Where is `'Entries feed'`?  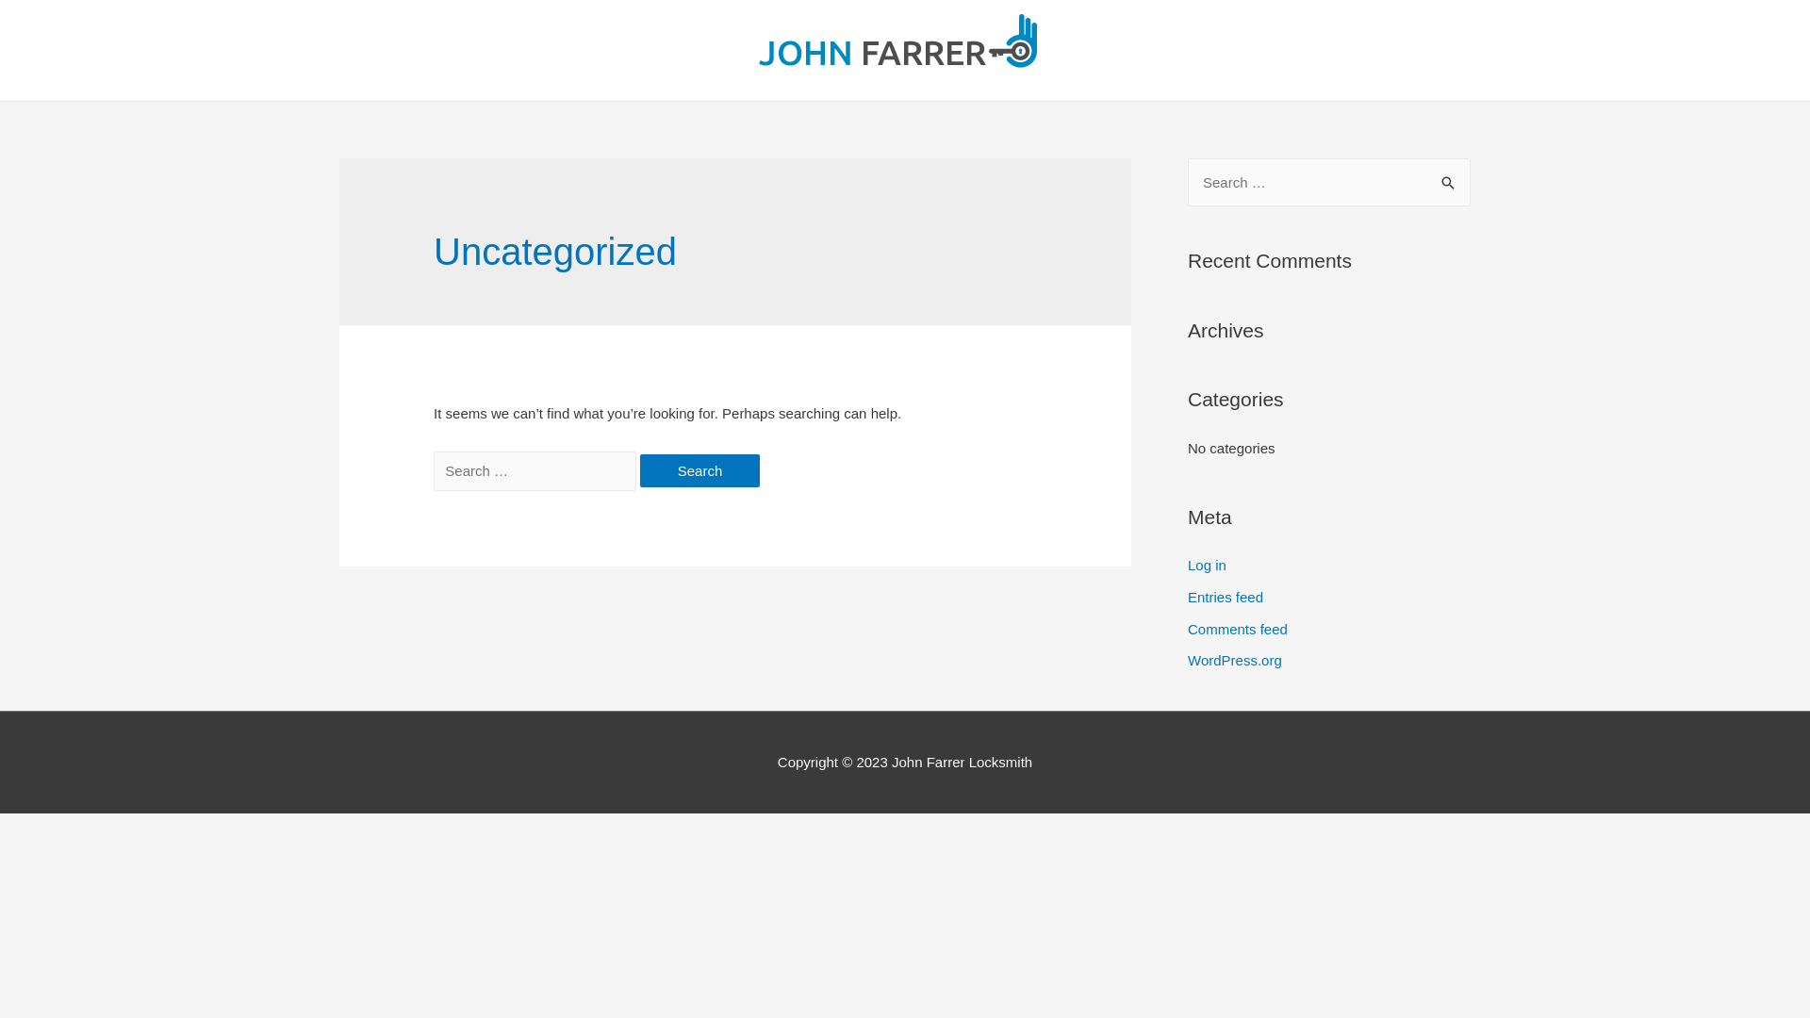 'Entries feed' is located at coordinates (1226, 597).